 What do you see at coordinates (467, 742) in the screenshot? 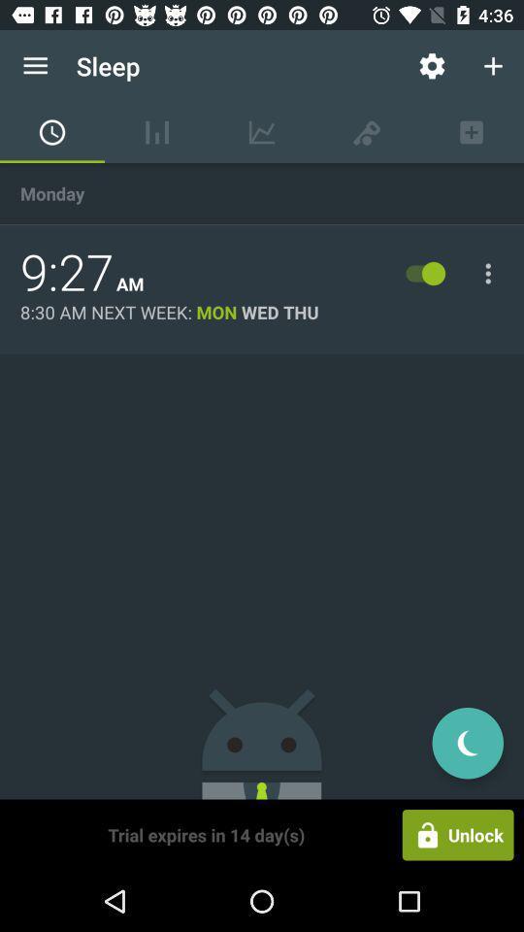
I see `night mode` at bounding box center [467, 742].